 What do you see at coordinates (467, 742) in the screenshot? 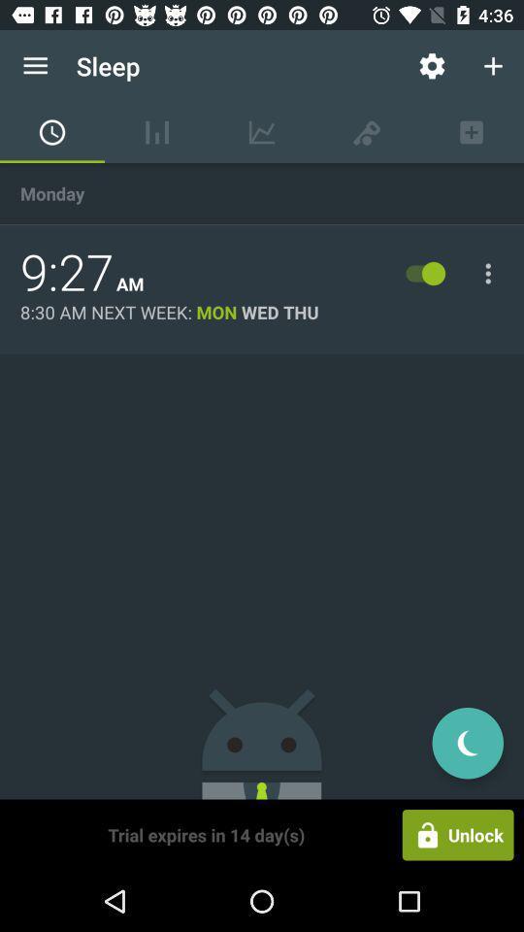
I see `night mode` at bounding box center [467, 742].